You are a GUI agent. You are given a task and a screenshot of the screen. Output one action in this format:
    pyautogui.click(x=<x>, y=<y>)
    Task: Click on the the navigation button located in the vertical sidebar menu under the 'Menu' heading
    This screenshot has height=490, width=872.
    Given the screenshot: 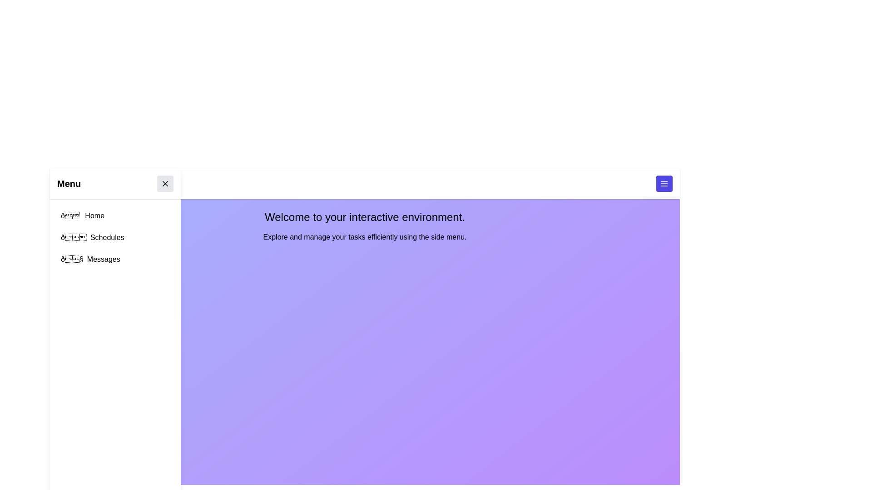 What is the action you would take?
    pyautogui.click(x=115, y=216)
    